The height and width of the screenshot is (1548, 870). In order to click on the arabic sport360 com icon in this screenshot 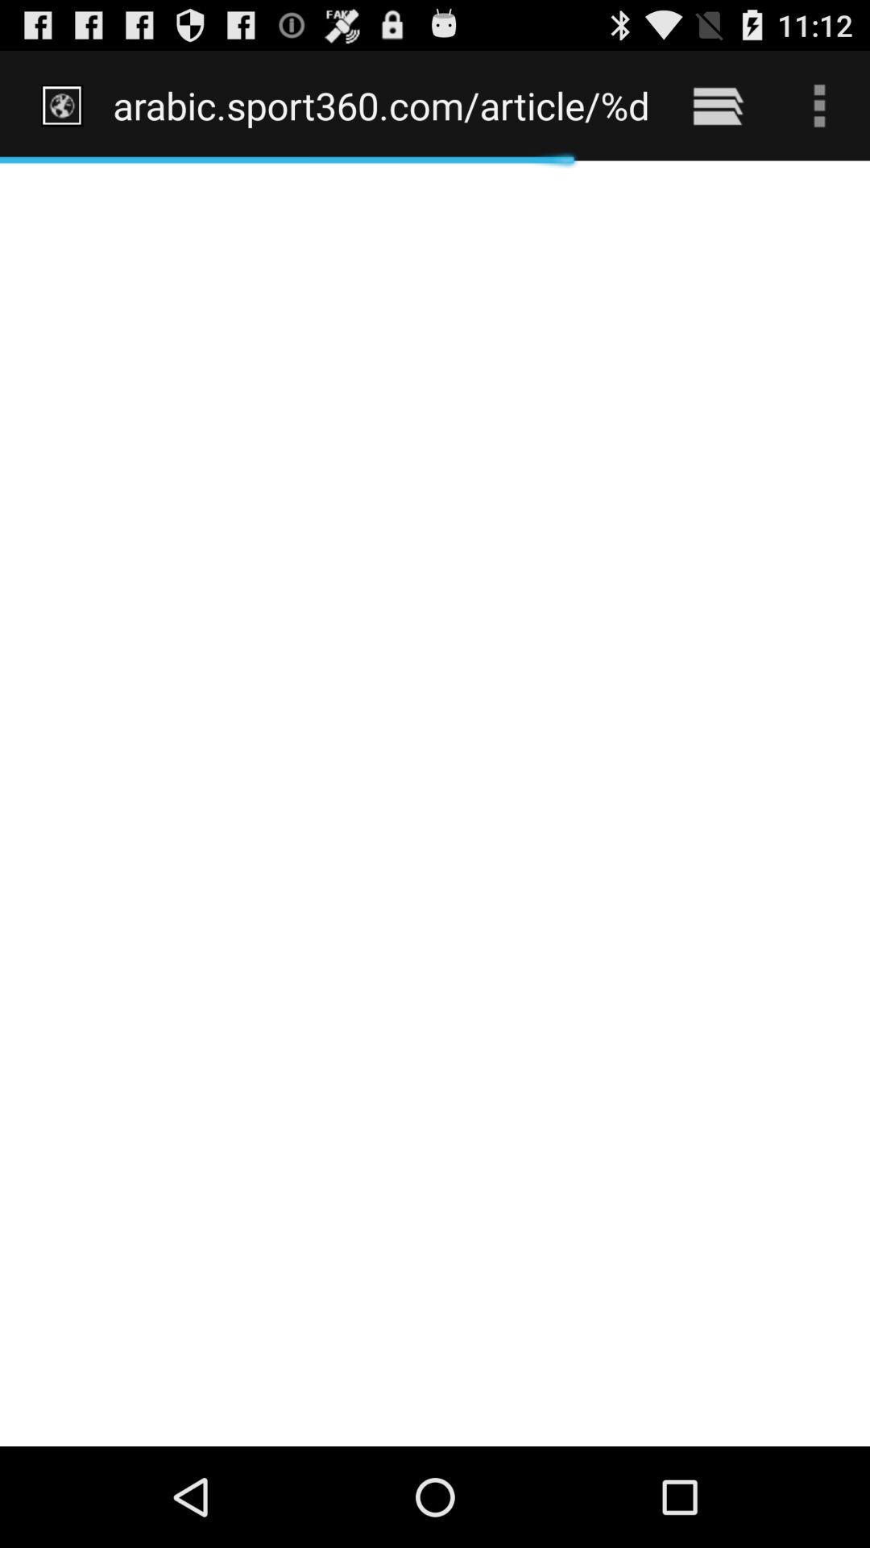, I will do `click(380, 105)`.